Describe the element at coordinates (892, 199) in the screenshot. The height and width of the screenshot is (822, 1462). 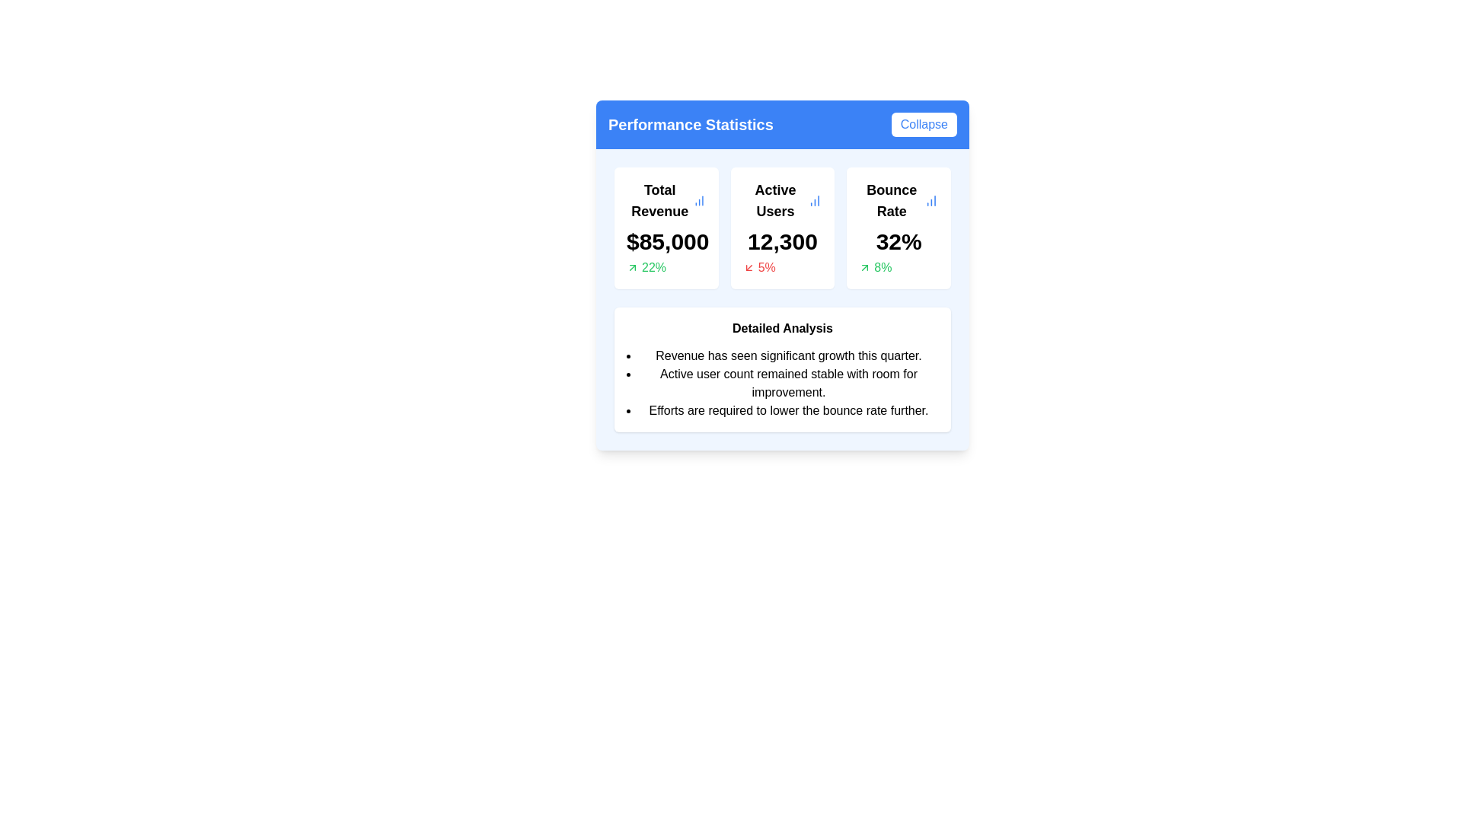
I see `the 'Bounce Rate' label, which is positioned on the right-hand side of the performance statistics layout, above the corresponding percentage value` at that location.